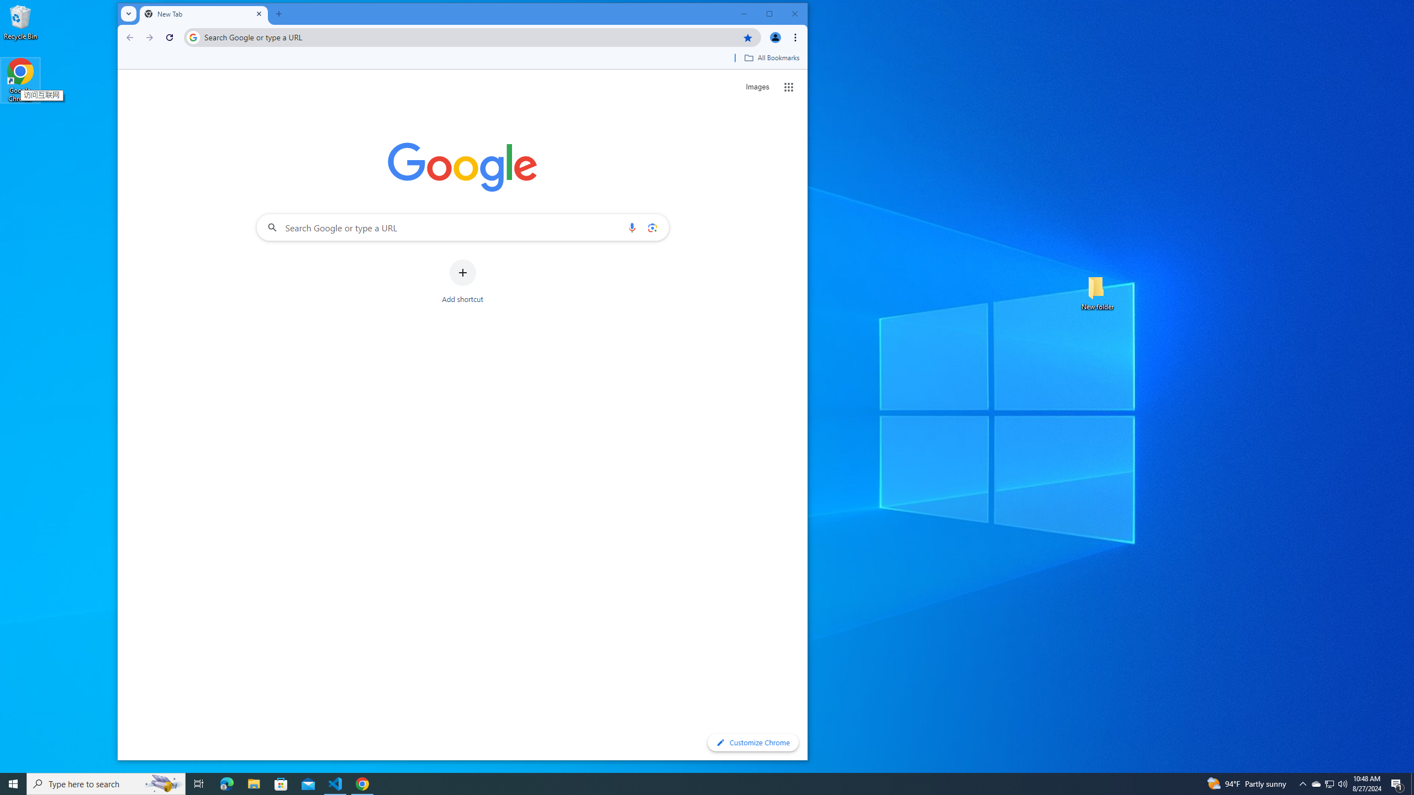  What do you see at coordinates (20, 21) in the screenshot?
I see `'Recycle Bin'` at bounding box center [20, 21].